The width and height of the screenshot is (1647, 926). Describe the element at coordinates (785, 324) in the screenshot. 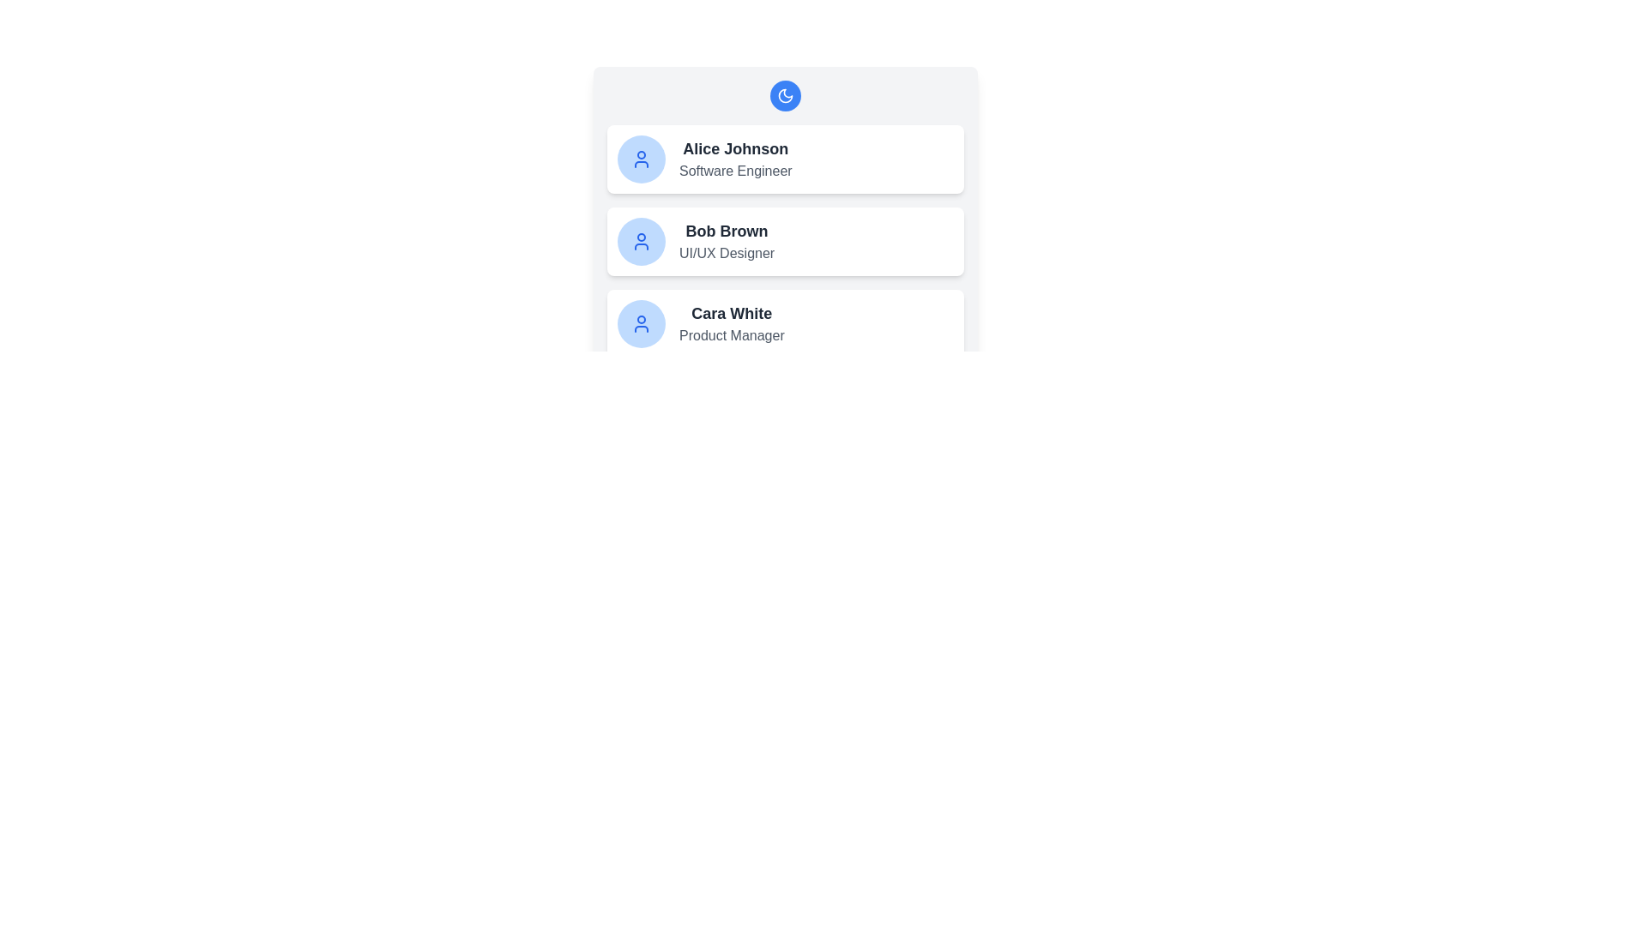

I see `the Profile card of 'Cara White', which displays her name in bold and the role 'Product Manager' below it, by clicking on the card's center` at that location.